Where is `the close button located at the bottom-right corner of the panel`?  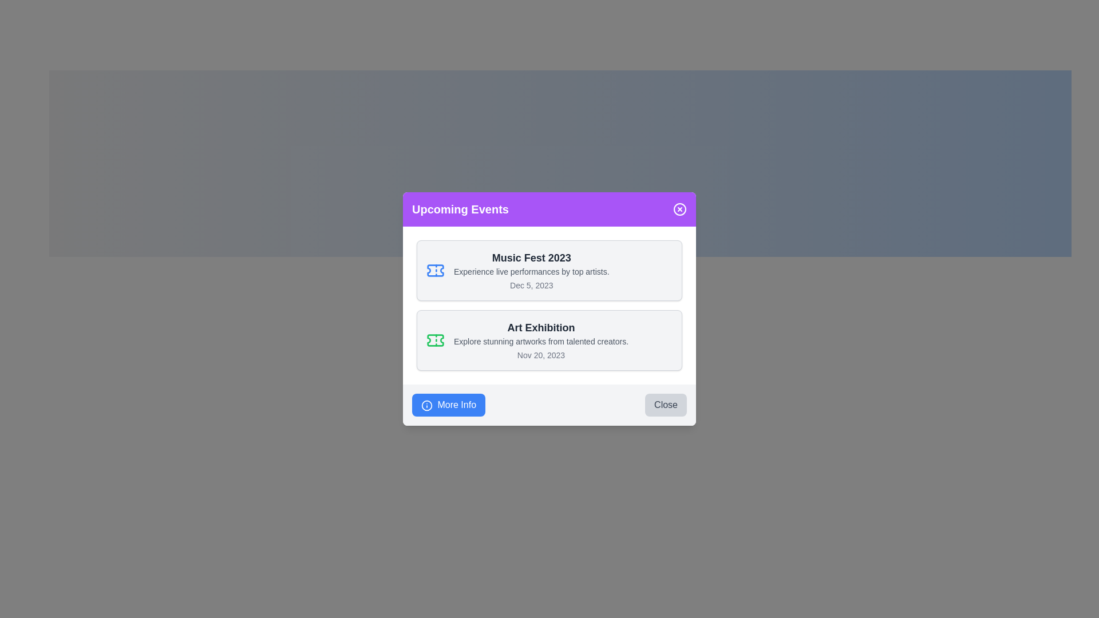
the close button located at the bottom-right corner of the panel is located at coordinates (666, 405).